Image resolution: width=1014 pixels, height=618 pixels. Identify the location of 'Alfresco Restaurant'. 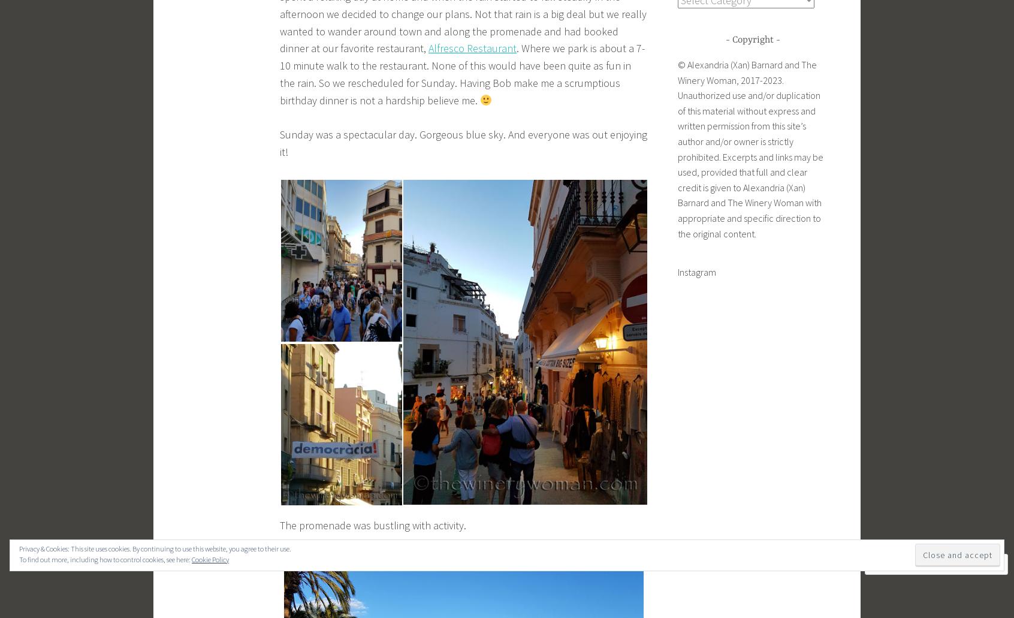
(428, 48).